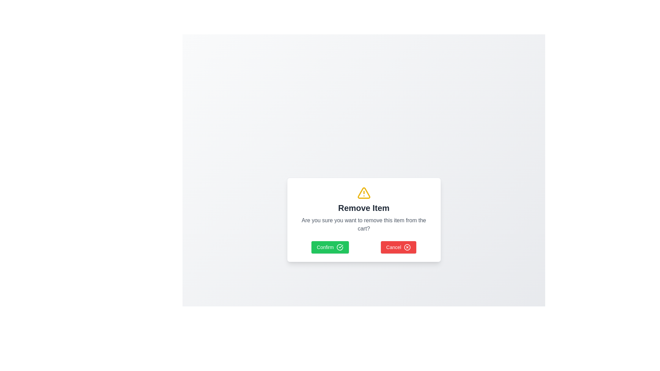 Image resolution: width=660 pixels, height=371 pixels. Describe the element at coordinates (330, 247) in the screenshot. I see `the green 'Confirm' button with rounded corners that features white text and a checkmark icon to confirm the action` at that location.